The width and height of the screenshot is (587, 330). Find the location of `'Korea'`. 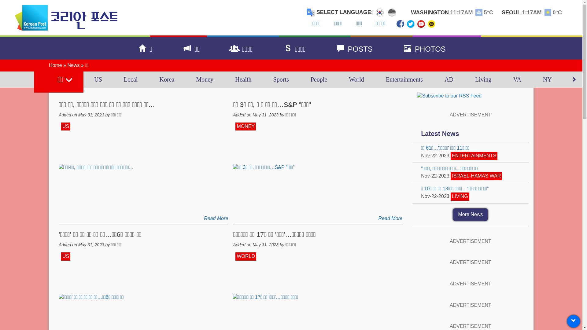

'Korea' is located at coordinates (167, 79).